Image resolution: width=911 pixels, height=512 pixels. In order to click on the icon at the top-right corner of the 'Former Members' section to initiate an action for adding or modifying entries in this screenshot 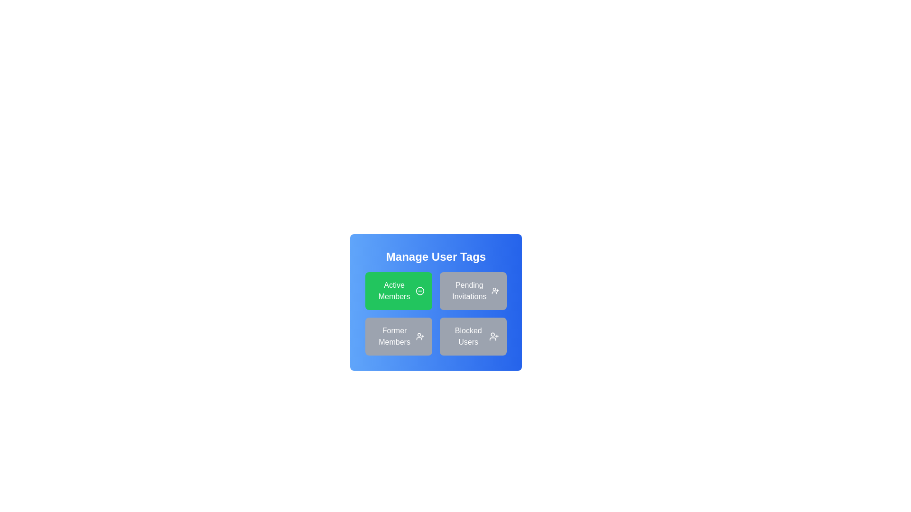, I will do `click(420, 336)`.